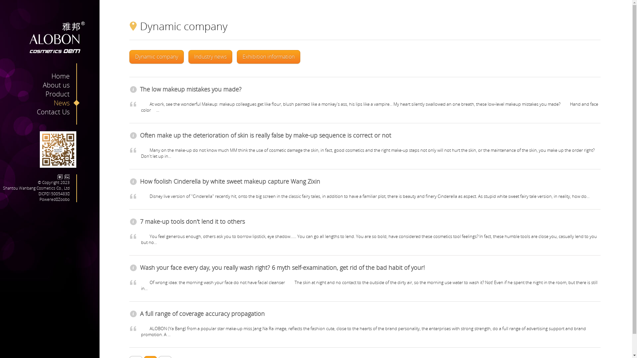 The image size is (637, 358). I want to click on 'About us', so click(42, 85).